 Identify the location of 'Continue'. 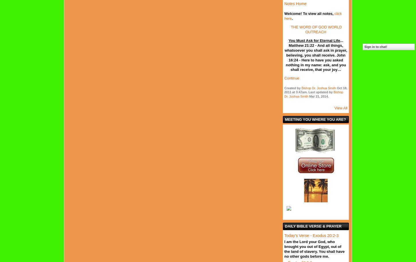
(292, 78).